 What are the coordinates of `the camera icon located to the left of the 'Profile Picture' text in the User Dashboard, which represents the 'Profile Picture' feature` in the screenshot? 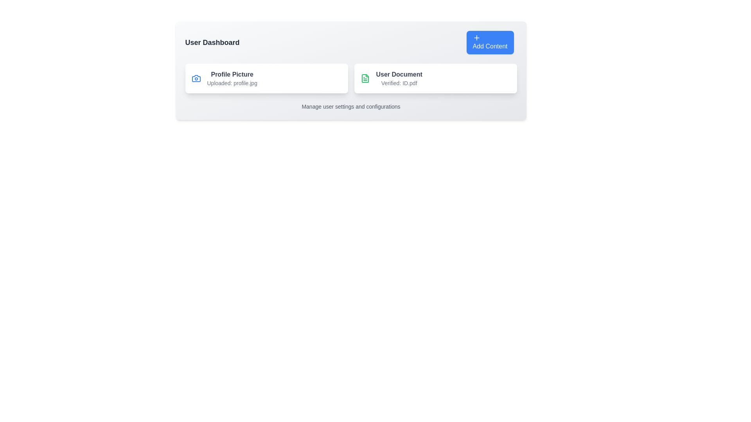 It's located at (196, 78).